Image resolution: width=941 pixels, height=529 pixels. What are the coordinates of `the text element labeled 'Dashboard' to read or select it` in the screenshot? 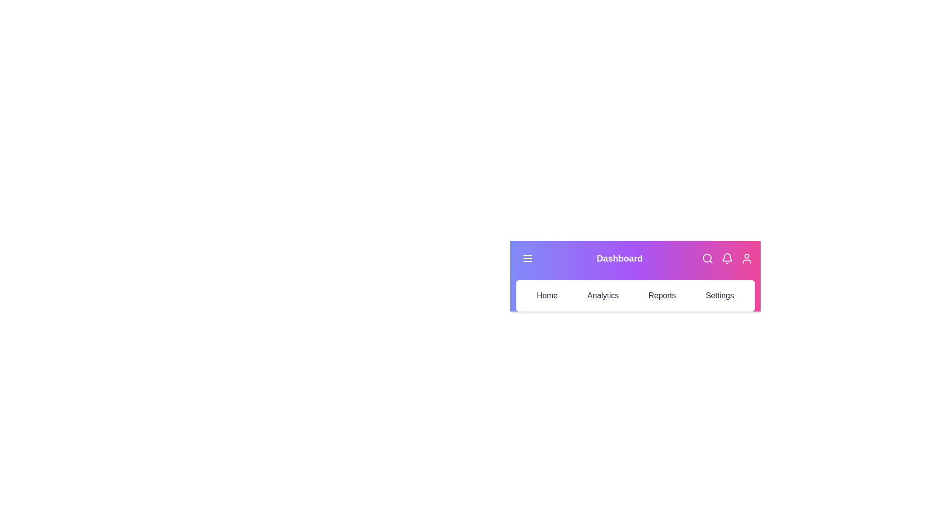 It's located at (619, 258).